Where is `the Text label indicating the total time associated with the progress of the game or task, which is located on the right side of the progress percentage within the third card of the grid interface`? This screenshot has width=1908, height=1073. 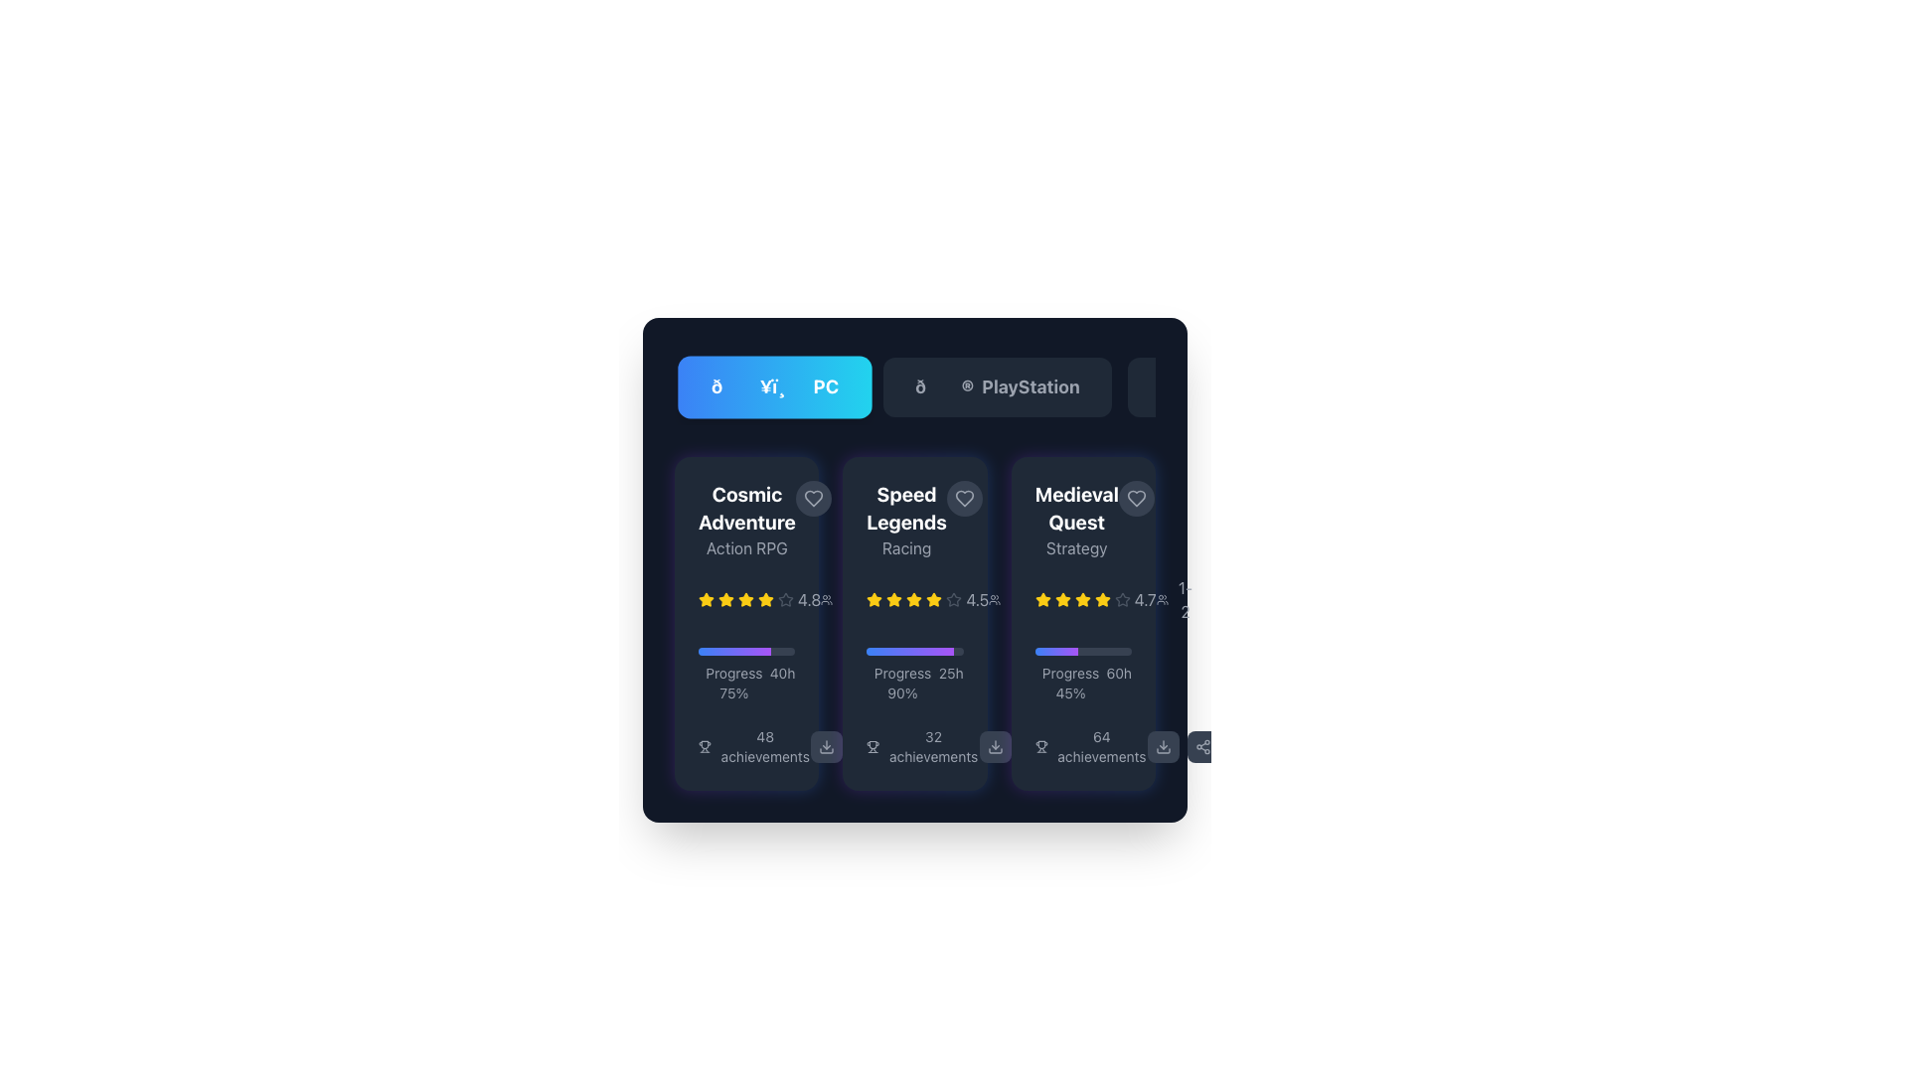
the Text label indicating the total time associated with the progress of the game or task, which is located on the right side of the progress percentage within the third card of the grid interface is located at coordinates (1119, 682).